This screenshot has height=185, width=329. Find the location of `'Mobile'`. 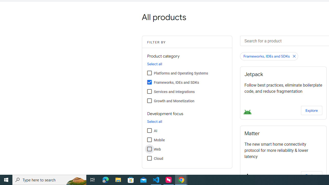

'Mobile' is located at coordinates (149, 140).